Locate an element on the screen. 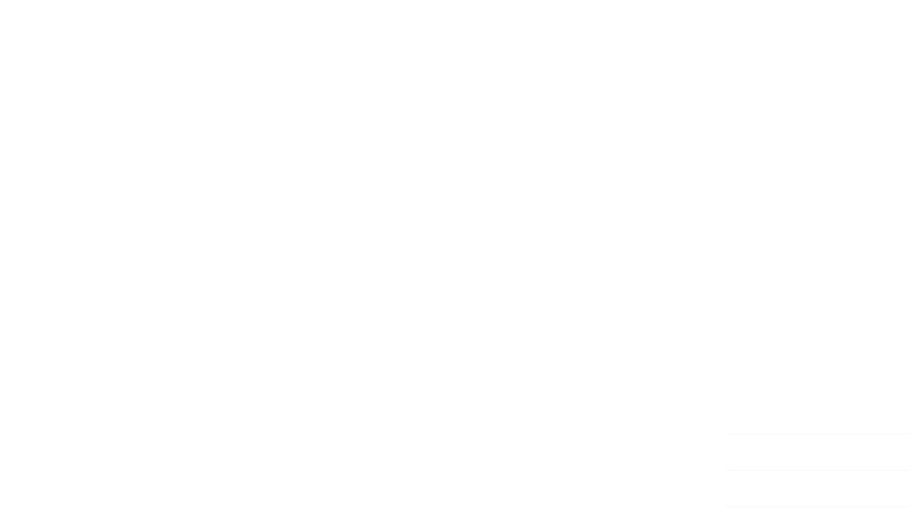 This screenshot has height=518, width=922. the dismiss button represented by a stylized '×' character is located at coordinates (899, 419).